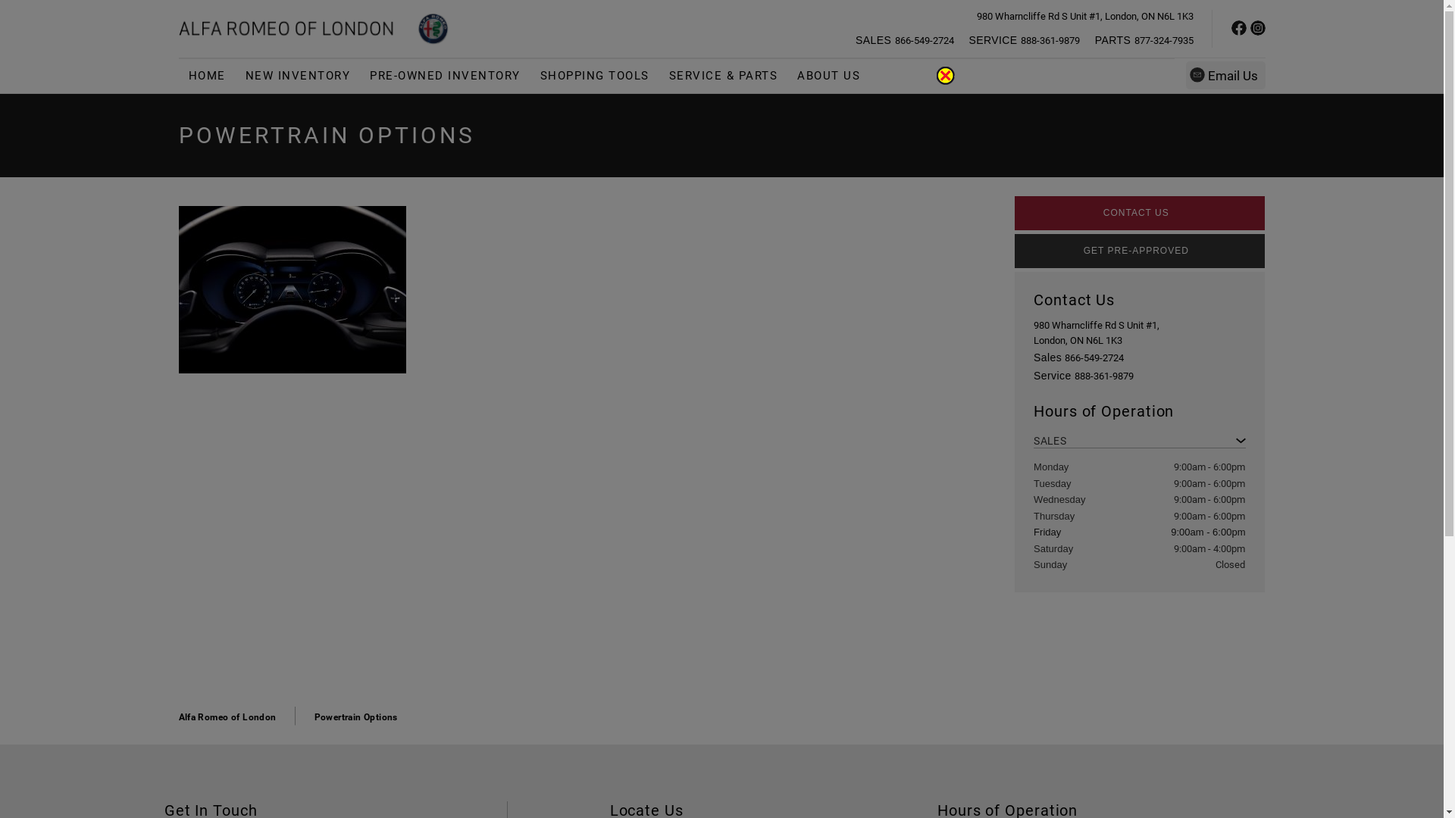 This screenshot has width=1455, height=818. I want to click on 'CONTACT US', so click(1139, 213).